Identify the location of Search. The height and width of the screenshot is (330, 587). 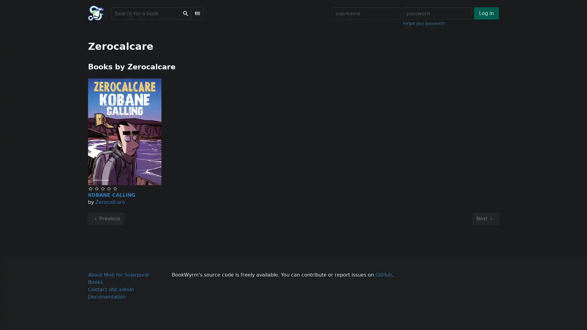
(185, 13).